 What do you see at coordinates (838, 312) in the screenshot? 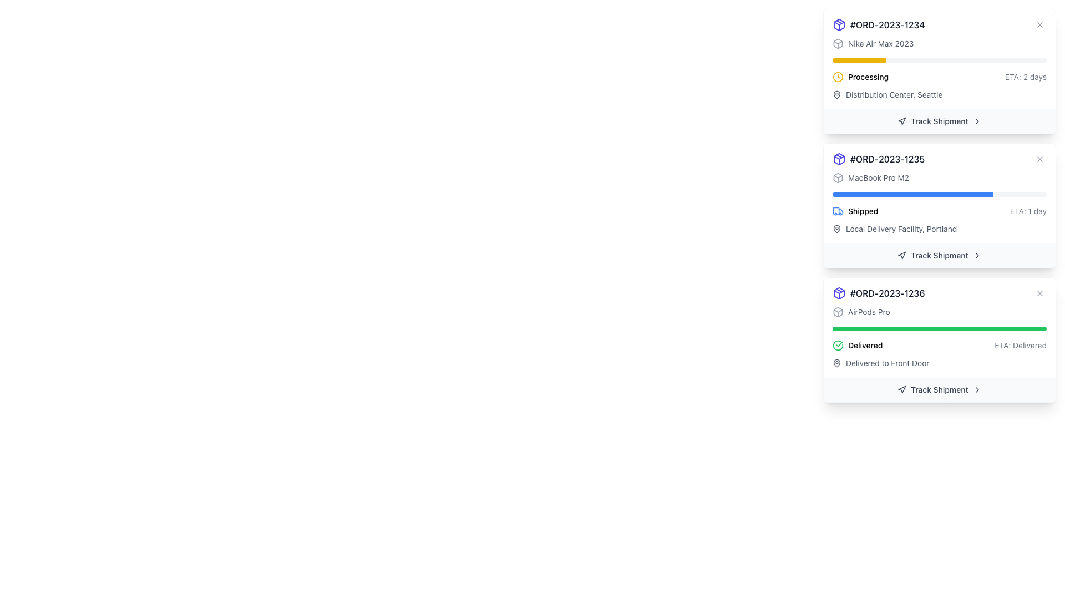
I see `the decorative or navigational icon next to the '#ORD-2023-1235' heading for visual feedback on the order type or status of the entry titled 'MacBook Pro M2'` at bounding box center [838, 312].